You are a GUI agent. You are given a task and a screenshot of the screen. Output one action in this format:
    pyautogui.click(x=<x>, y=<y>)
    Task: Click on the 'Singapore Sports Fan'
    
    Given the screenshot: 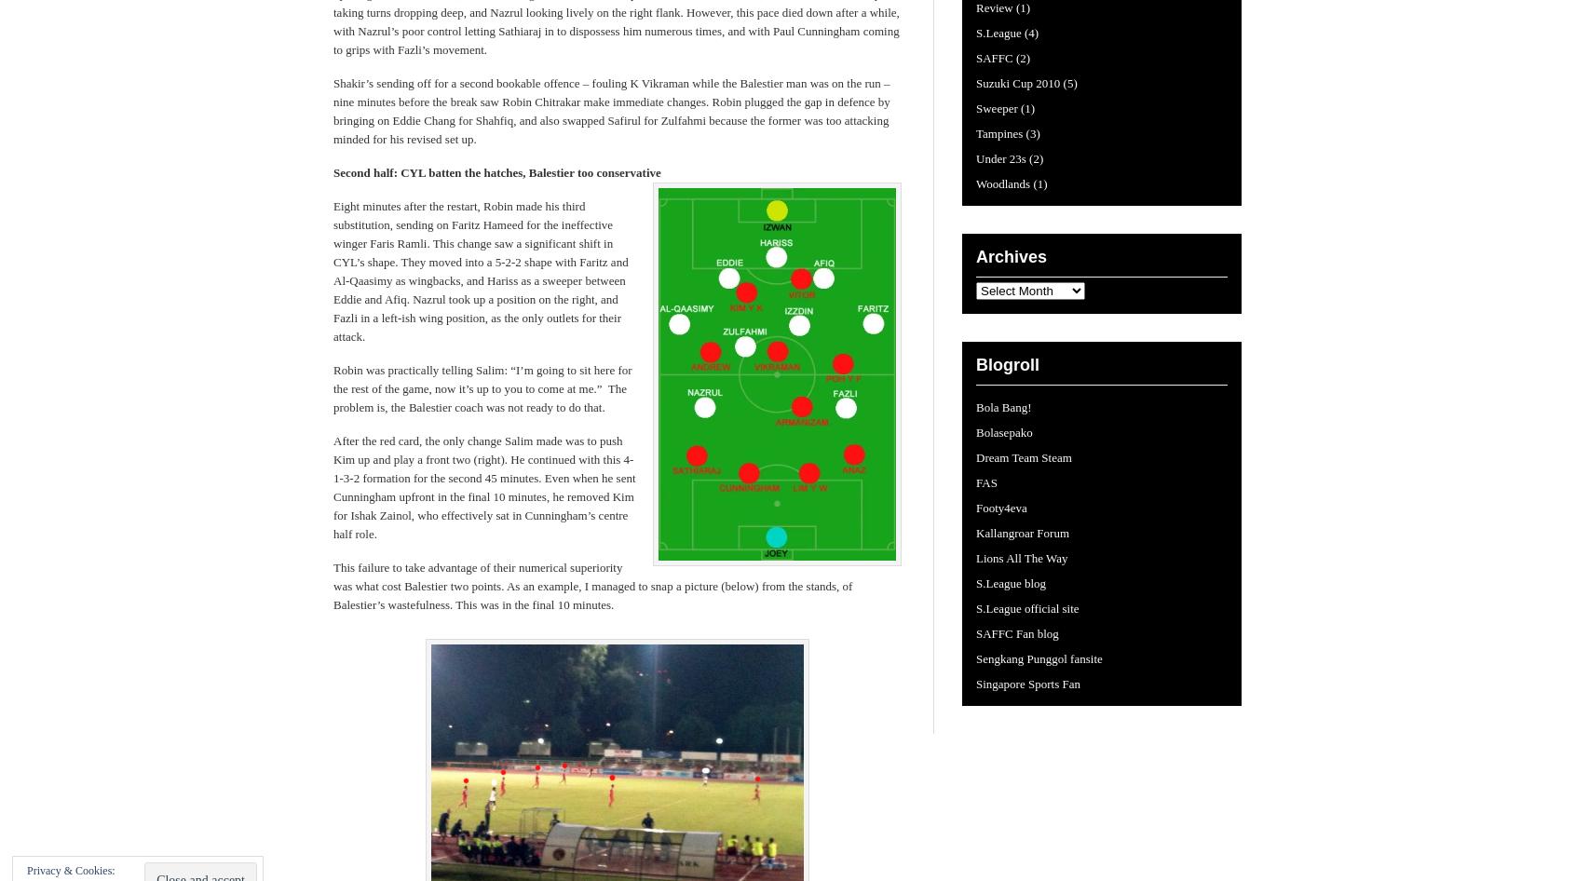 What is the action you would take?
    pyautogui.click(x=1027, y=683)
    